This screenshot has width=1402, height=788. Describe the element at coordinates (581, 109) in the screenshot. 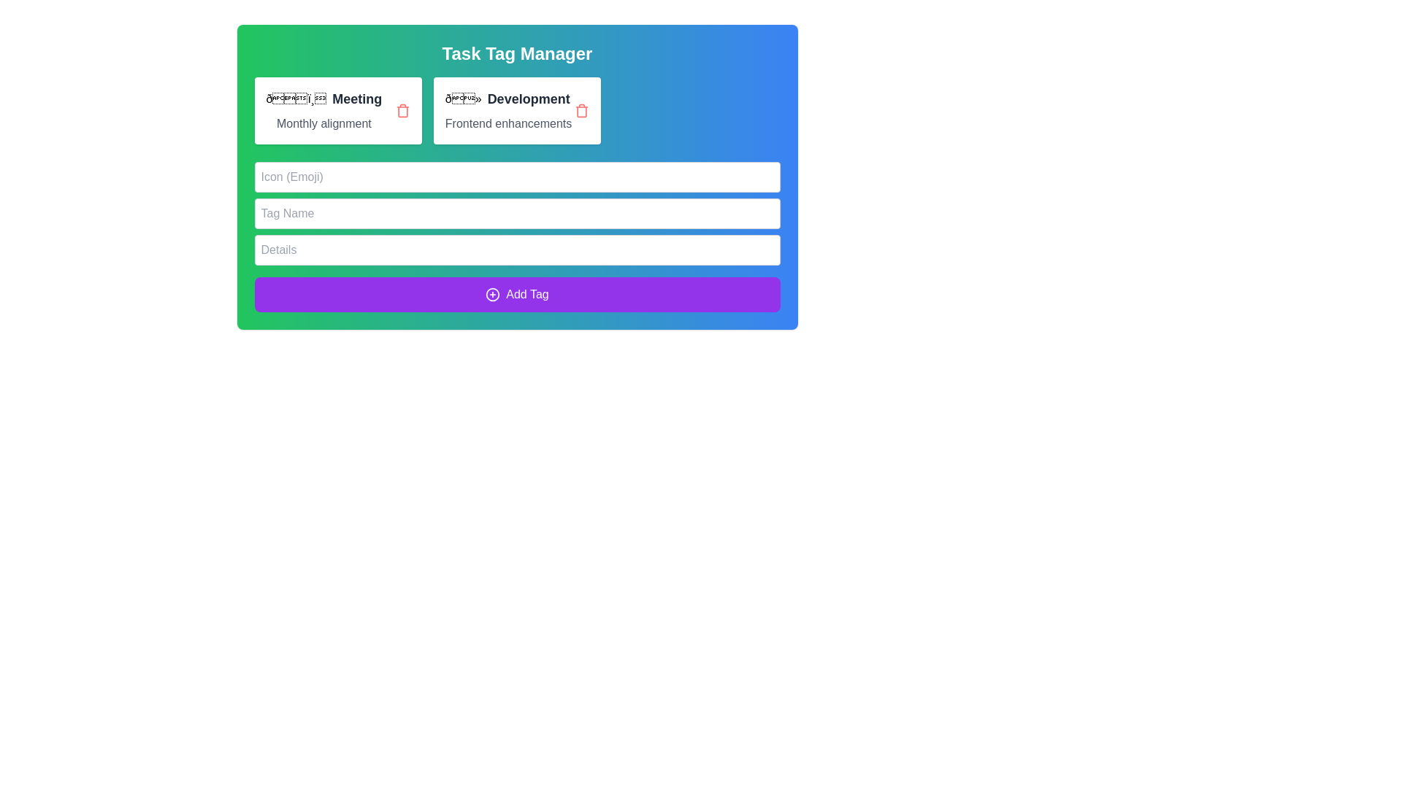

I see `the interactive red trash bin icon located at the top-right corner of the panel for 'Development' and 'Frontend enhancements'` at that location.